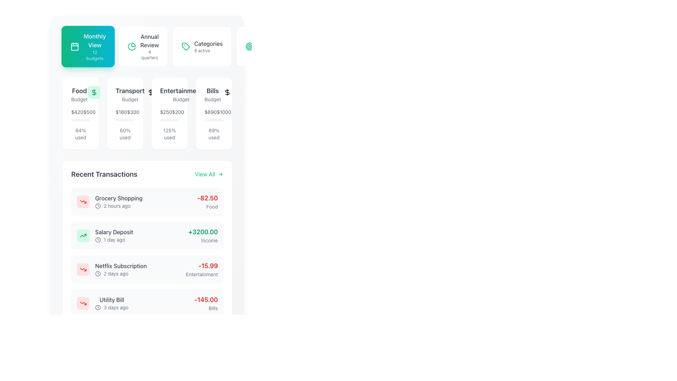  What do you see at coordinates (111, 300) in the screenshot?
I see `the 'Utility Bill' static text label, which is displayed in a medium-weight gray font in the bottom-most row of the 'Recent Transactions' section, aligned to the left of other elements` at bounding box center [111, 300].